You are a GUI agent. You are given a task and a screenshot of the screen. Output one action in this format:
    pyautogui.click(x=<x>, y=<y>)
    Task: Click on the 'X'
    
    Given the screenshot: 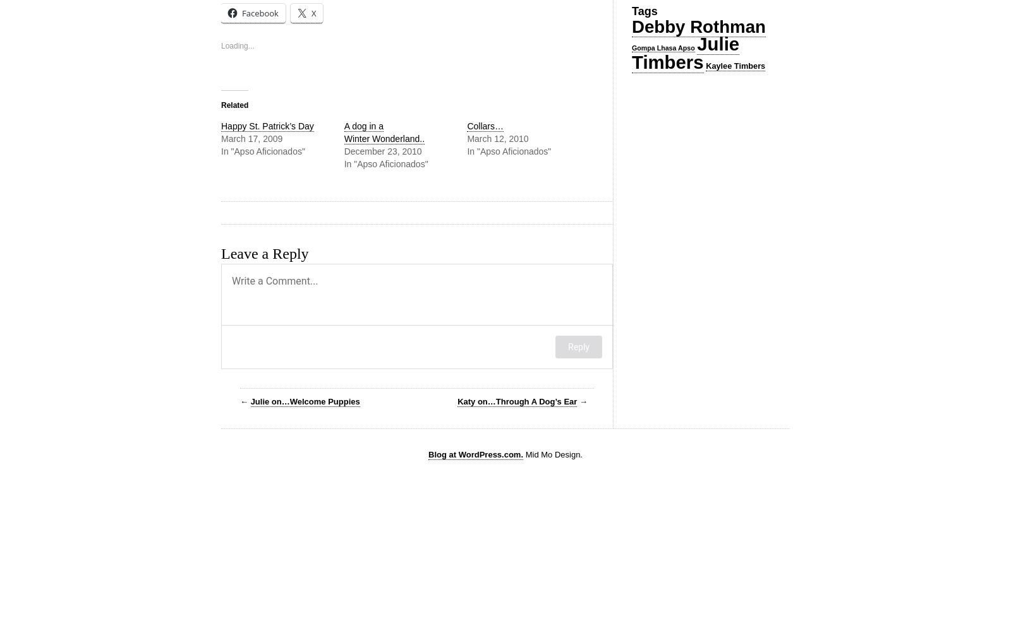 What is the action you would take?
    pyautogui.click(x=313, y=13)
    